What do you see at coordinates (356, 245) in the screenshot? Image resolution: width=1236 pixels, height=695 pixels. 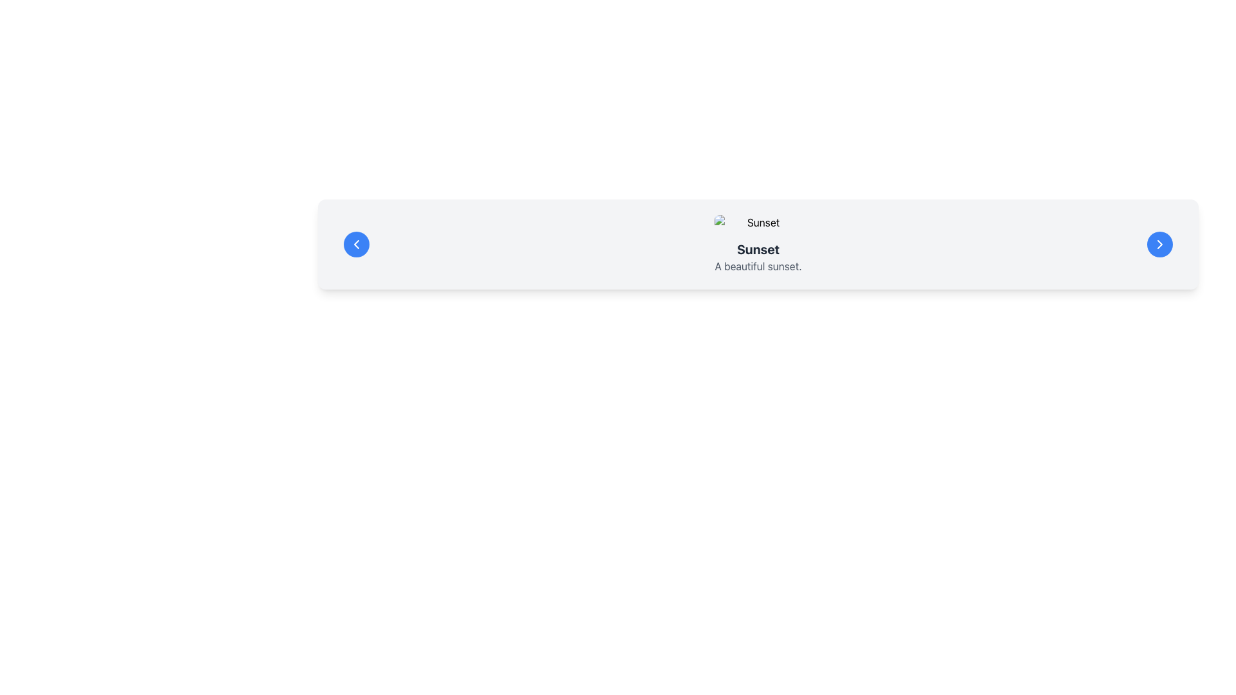 I see `the circular blue button with a white leftward chevron icon to go back` at bounding box center [356, 245].